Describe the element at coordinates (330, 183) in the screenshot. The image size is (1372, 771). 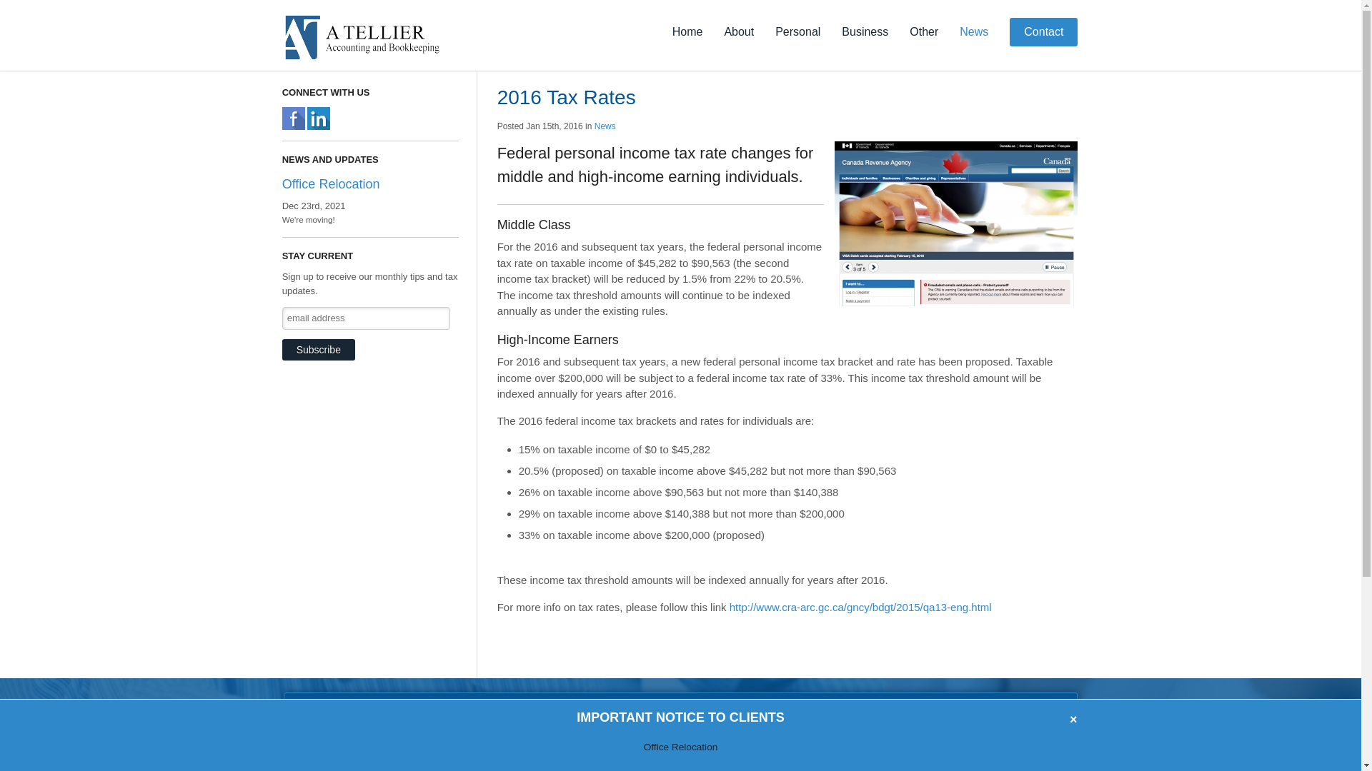
I see `'Office Relocation'` at that location.